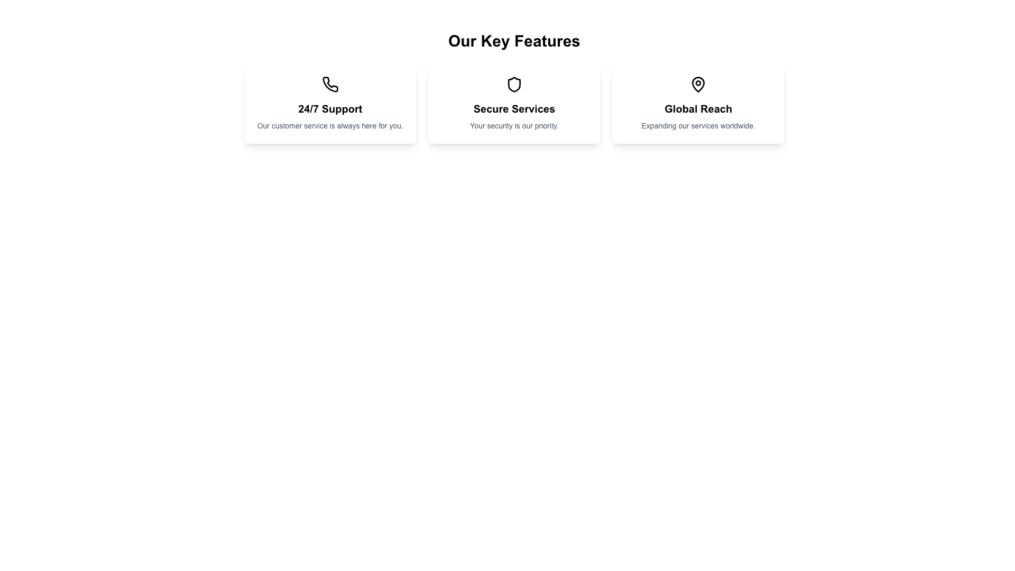 The image size is (1015, 571). What do you see at coordinates (698, 108) in the screenshot?
I see `the label displaying 'Global Reach', which is styled in bold, black text within a card structure, located below a map pin icon and above the text 'Expanding our services worldwide.'` at bounding box center [698, 108].